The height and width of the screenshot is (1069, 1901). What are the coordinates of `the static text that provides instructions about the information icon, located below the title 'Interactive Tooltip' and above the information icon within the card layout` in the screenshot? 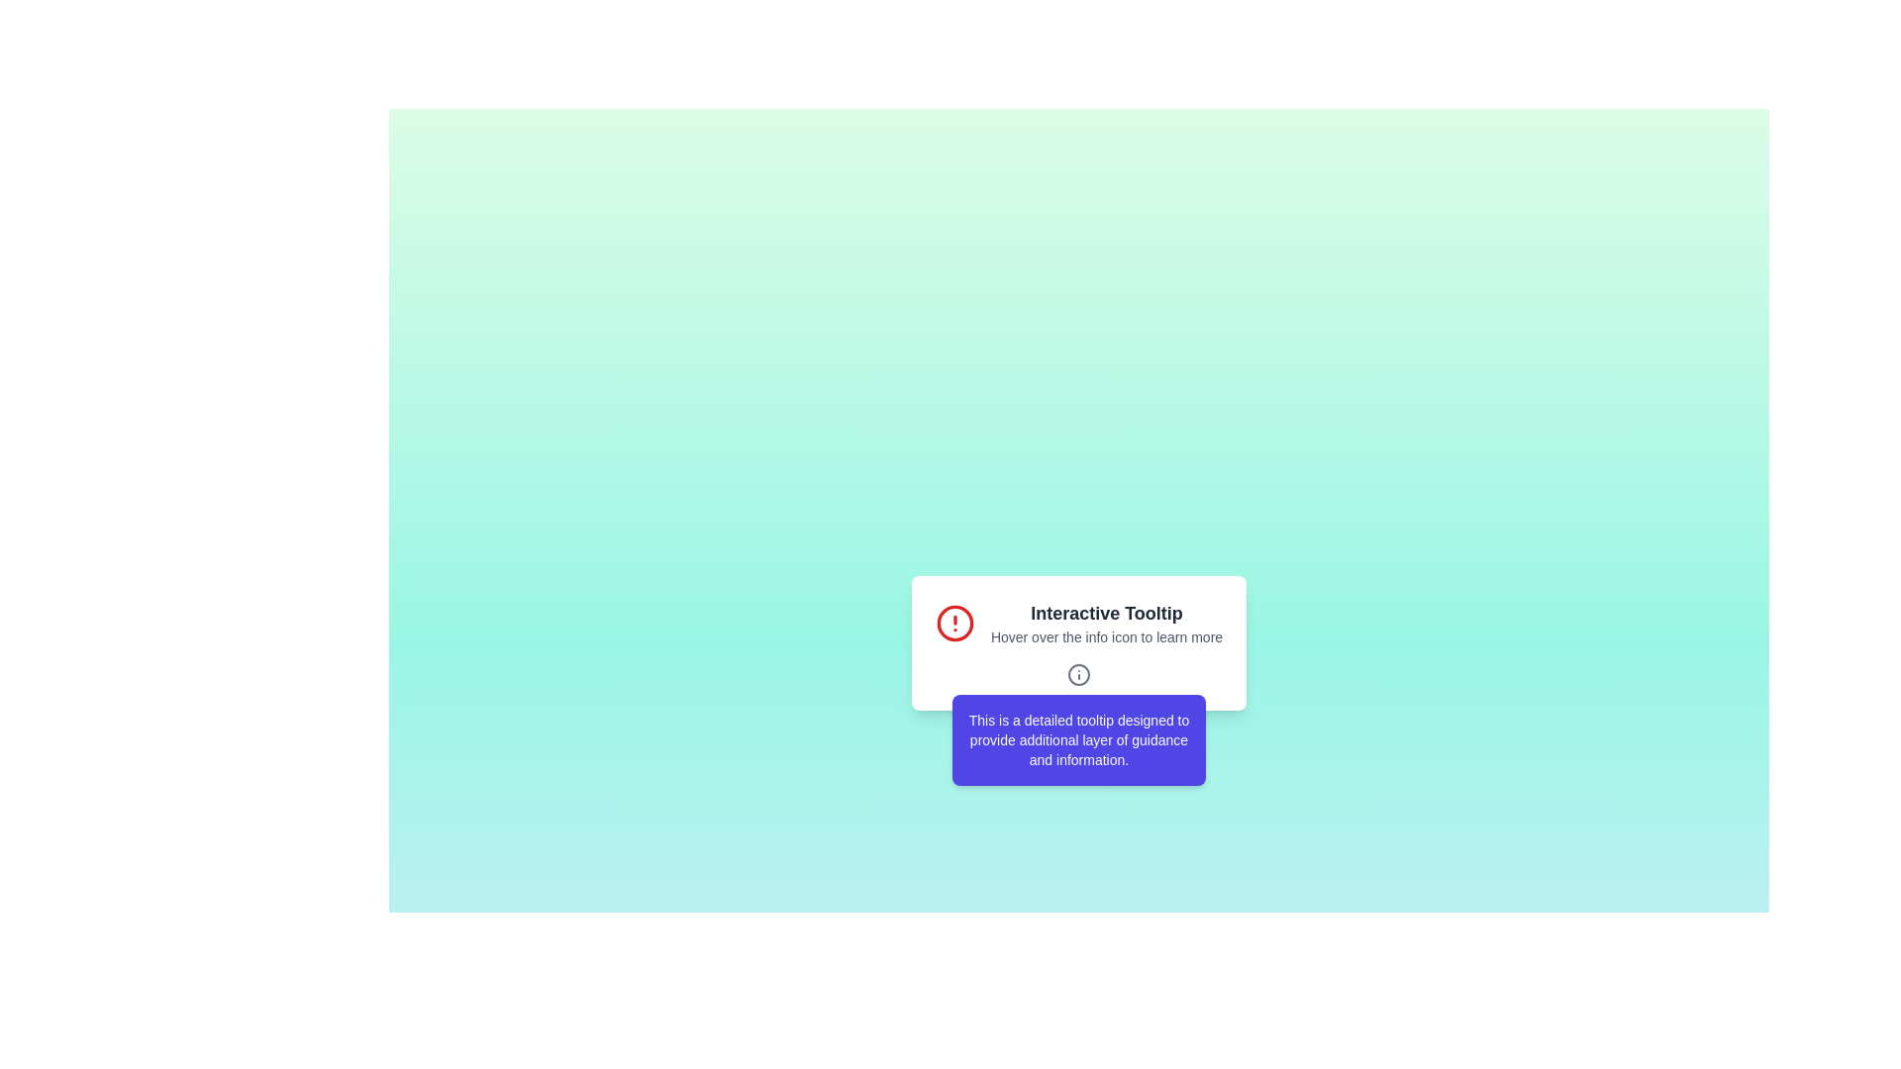 It's located at (1106, 637).